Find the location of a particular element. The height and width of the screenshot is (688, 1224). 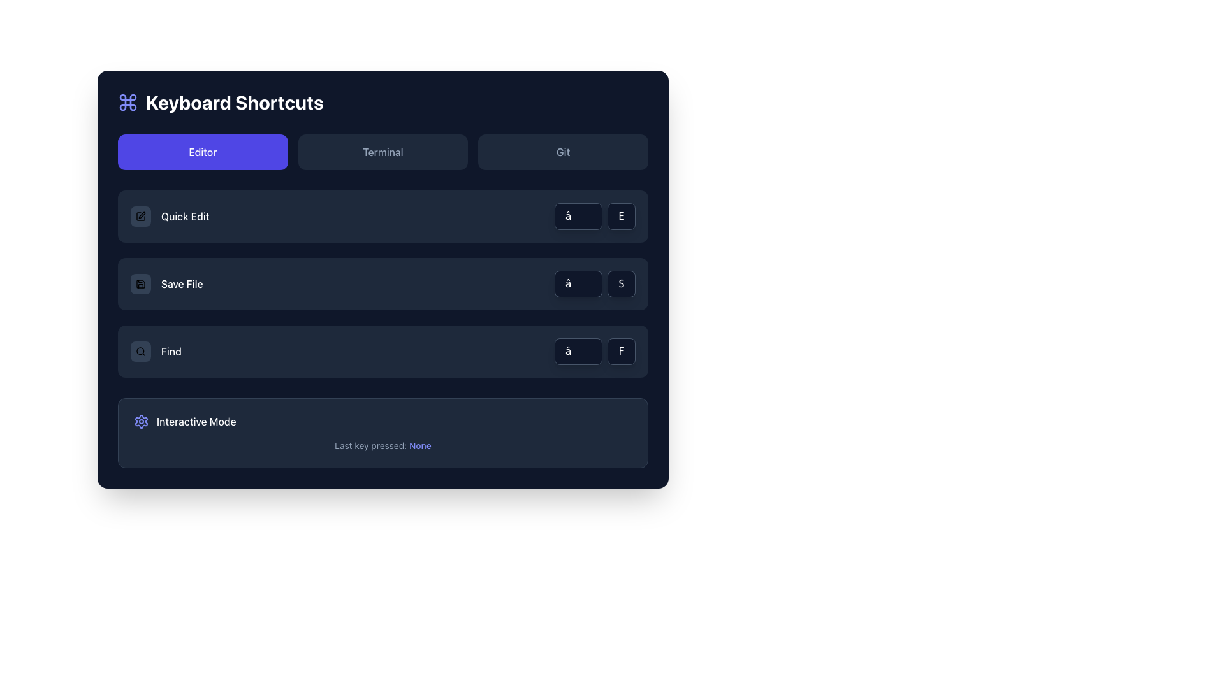

the 'Save File' icon located in the second row of the shortcut list within the 'Keyboard Shortcuts' modal, which is under the 'Editor' tab is located at coordinates (140, 283).